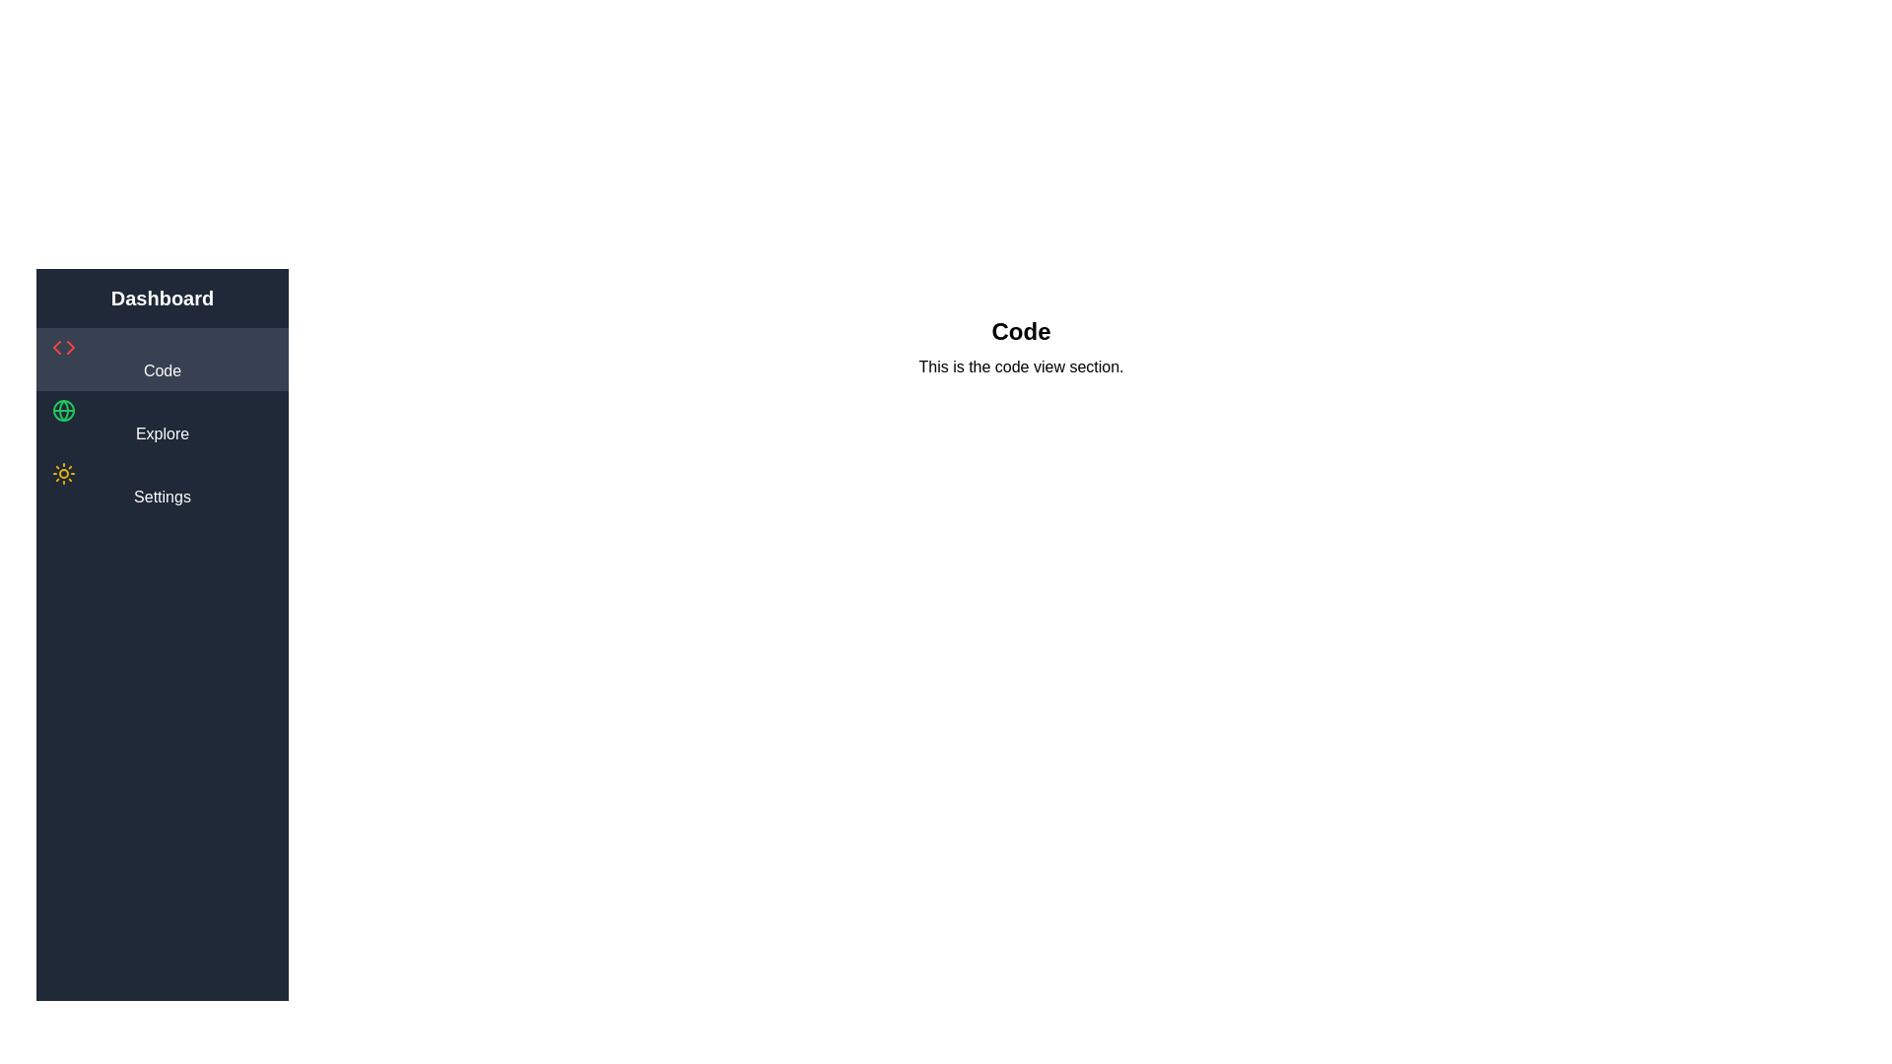 This screenshot has height=1064, width=1892. I want to click on the Explore tab in the sidebar, so click(162, 421).